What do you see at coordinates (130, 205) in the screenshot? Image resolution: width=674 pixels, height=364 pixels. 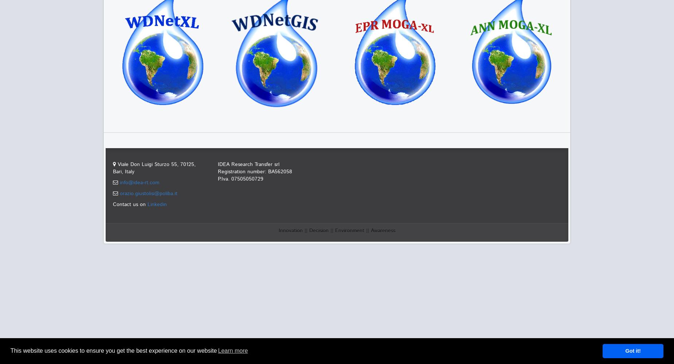 I see `'Contact us on'` at bounding box center [130, 205].